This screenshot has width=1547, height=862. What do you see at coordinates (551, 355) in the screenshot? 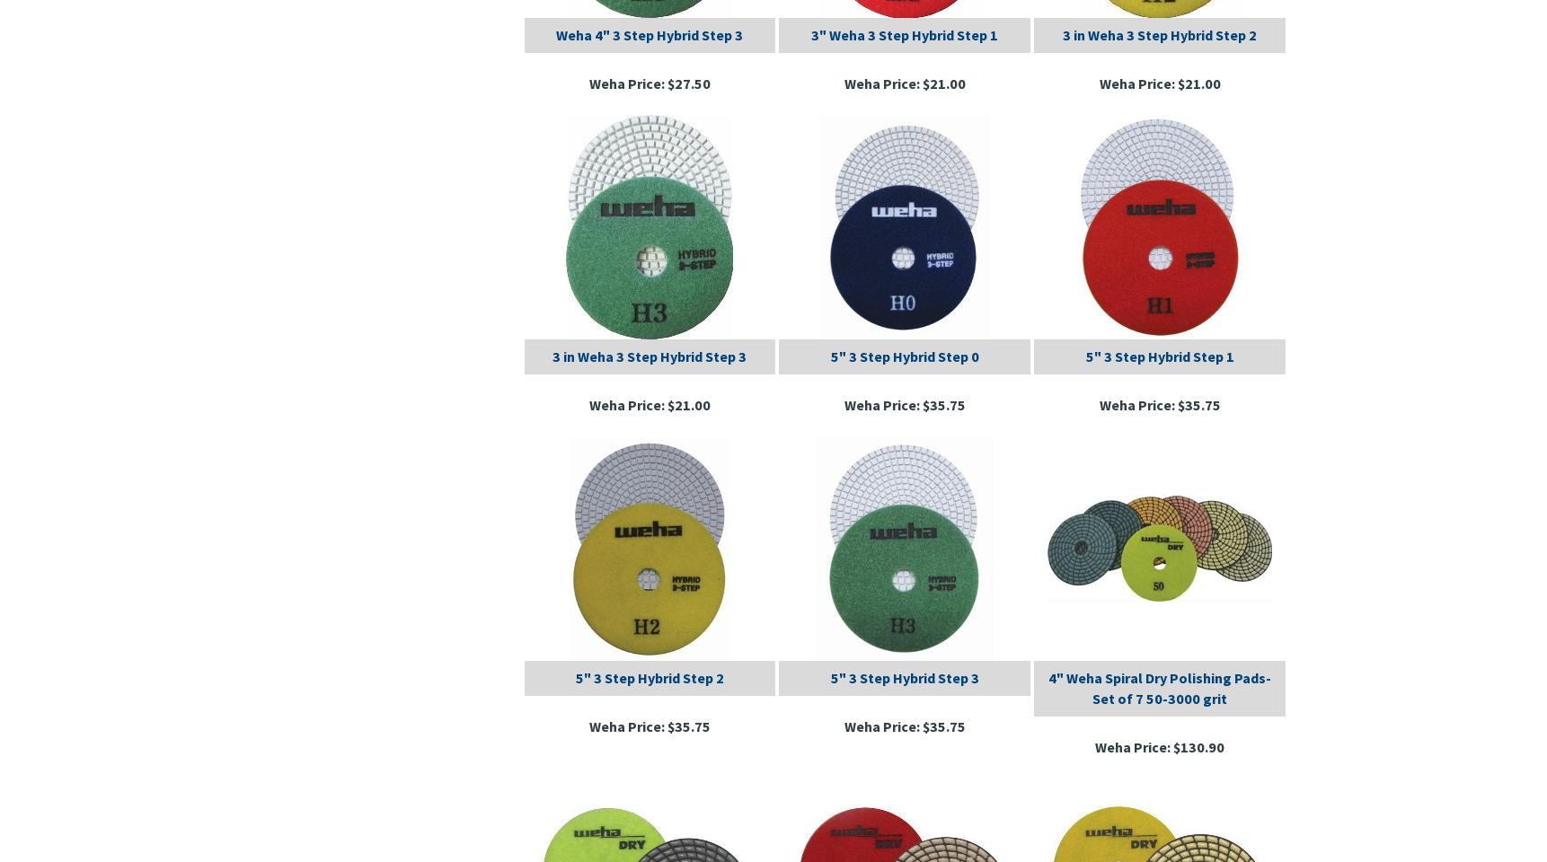
I see `'3 in Weha 3 Step Hybrid  Step 3'` at bounding box center [551, 355].